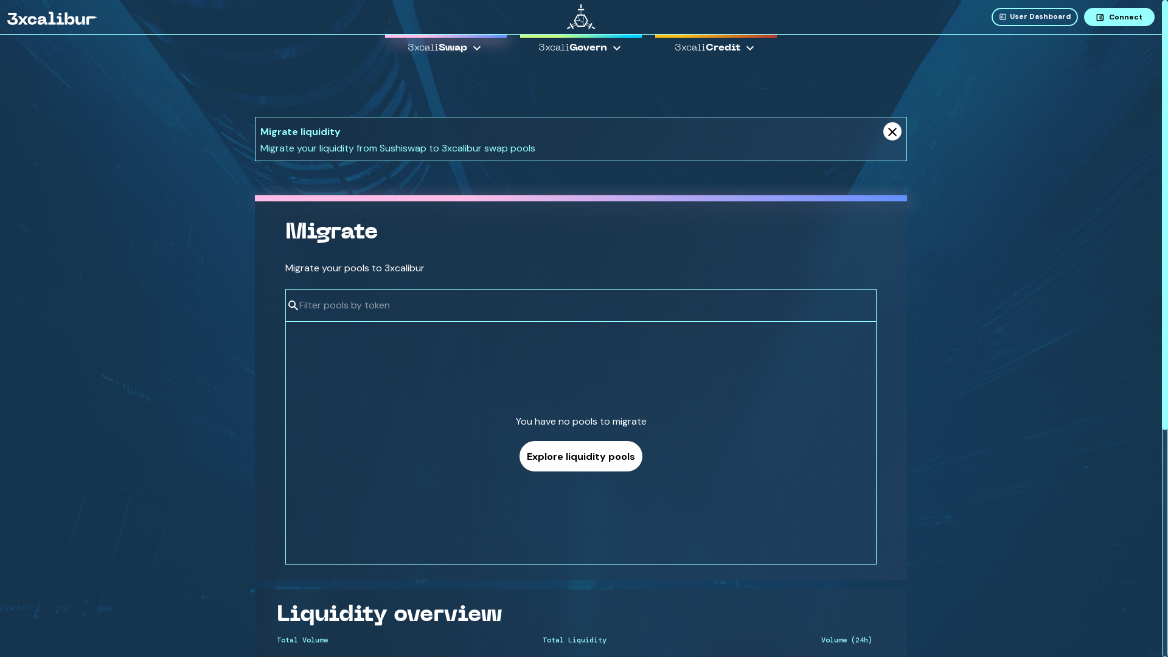 The width and height of the screenshot is (1168, 657). Describe the element at coordinates (1037, 16) in the screenshot. I see `'User Dashboard'` at that location.